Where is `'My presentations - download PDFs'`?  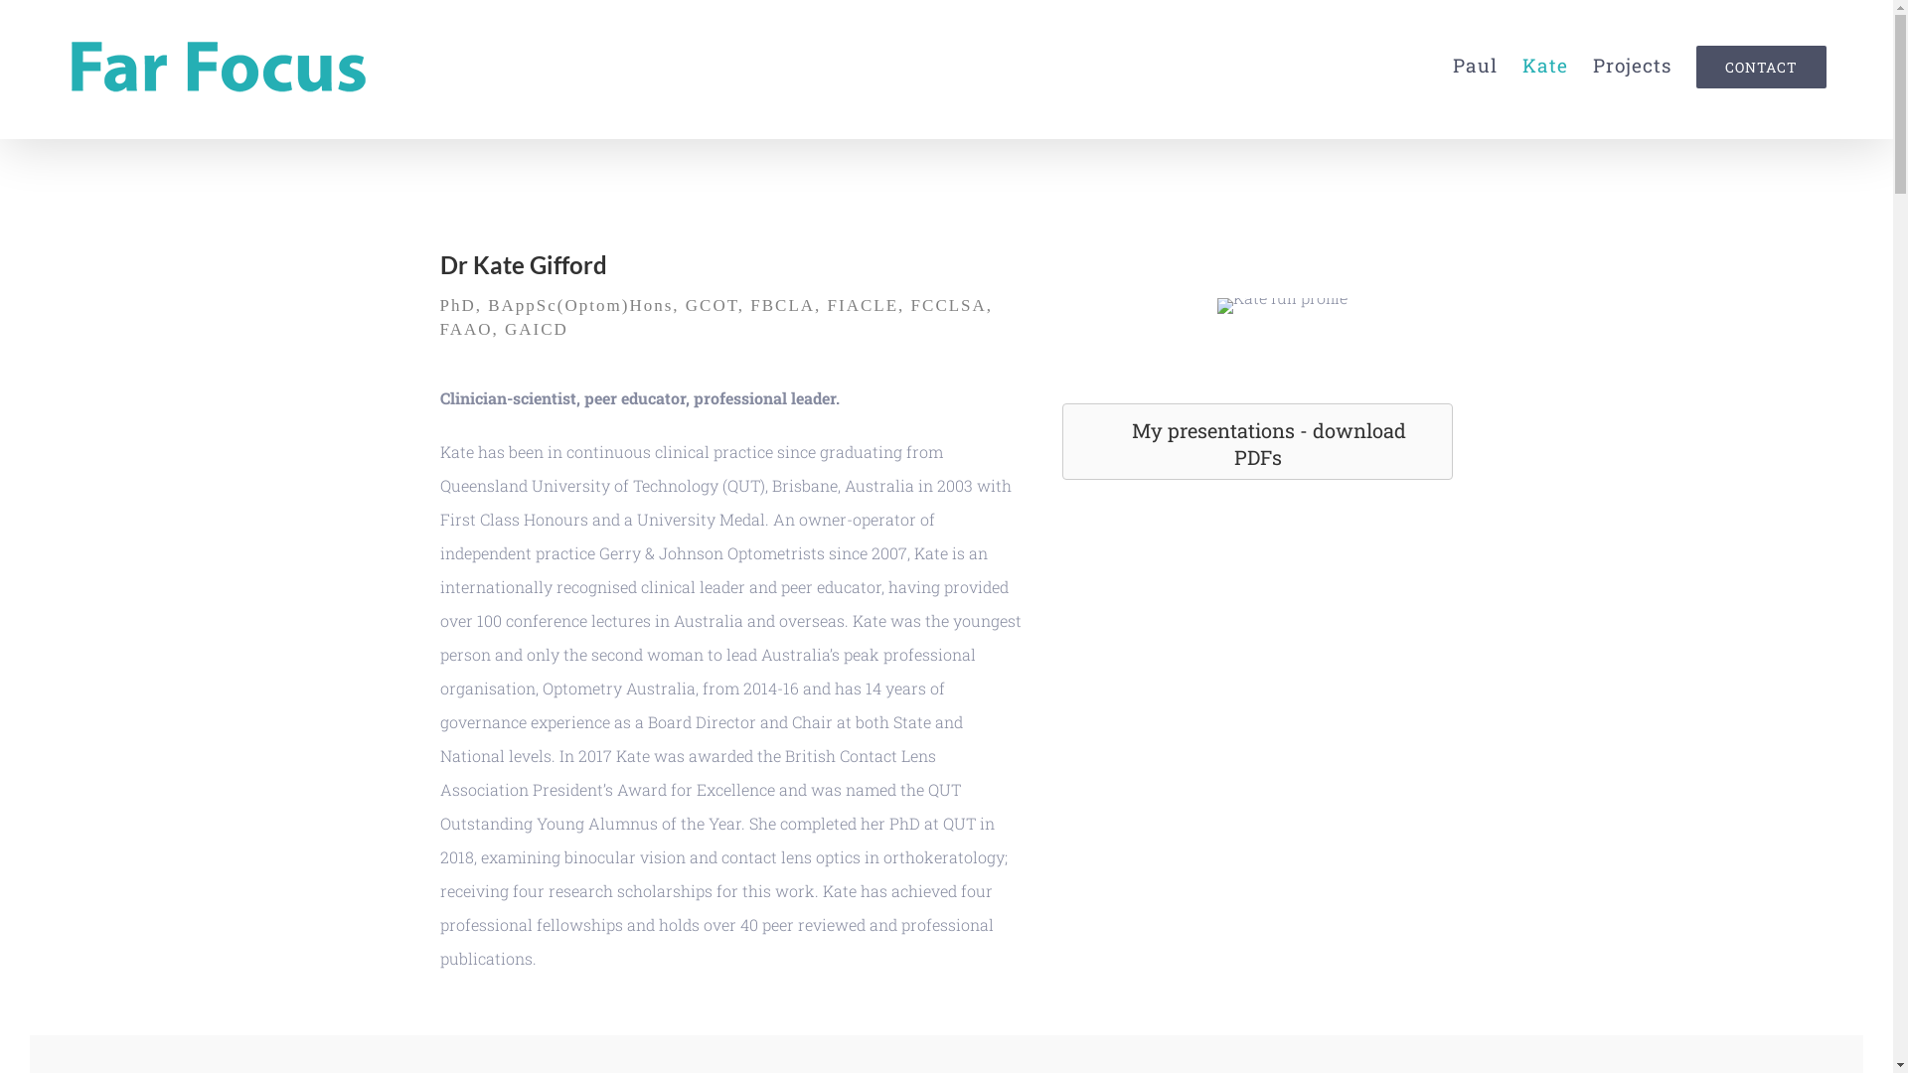 'My presentations - download PDFs' is located at coordinates (1257, 440).